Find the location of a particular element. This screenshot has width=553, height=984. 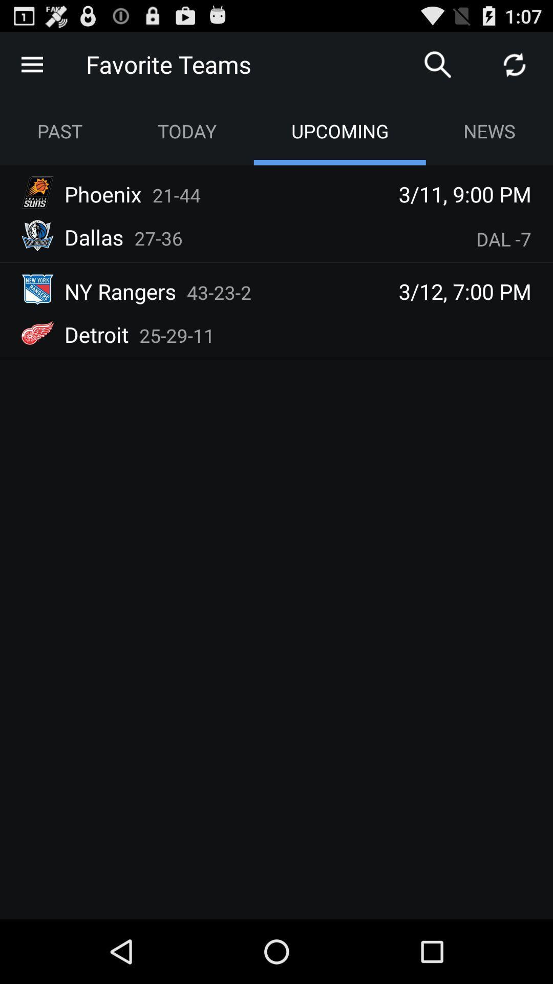

the 43-23-2 item is located at coordinates (219, 292).